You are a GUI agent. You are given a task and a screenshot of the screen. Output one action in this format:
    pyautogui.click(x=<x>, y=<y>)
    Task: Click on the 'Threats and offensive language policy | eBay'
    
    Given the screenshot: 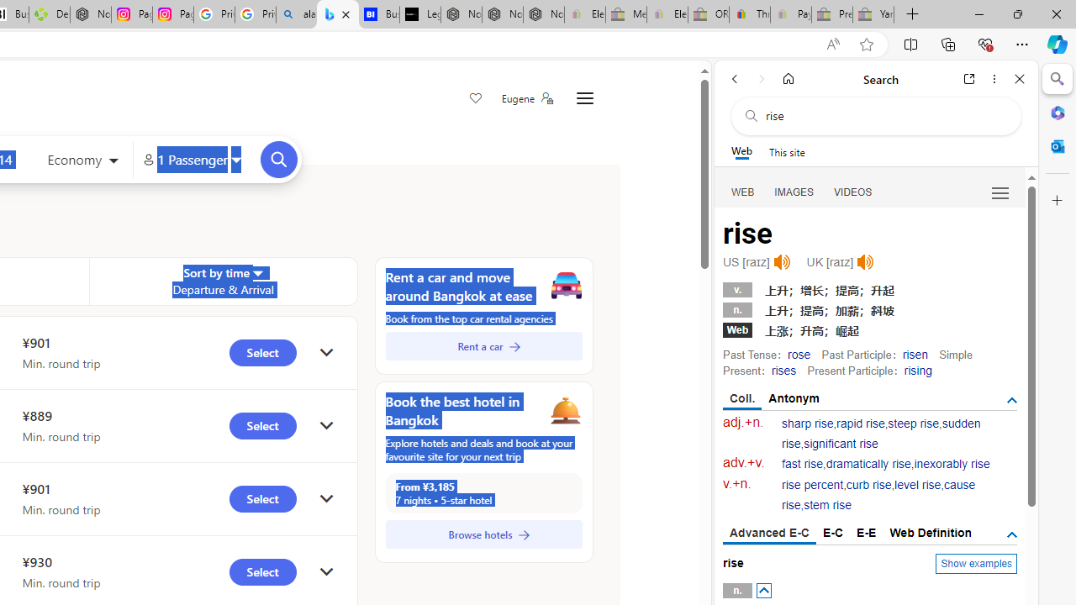 What is the action you would take?
    pyautogui.click(x=749, y=14)
    